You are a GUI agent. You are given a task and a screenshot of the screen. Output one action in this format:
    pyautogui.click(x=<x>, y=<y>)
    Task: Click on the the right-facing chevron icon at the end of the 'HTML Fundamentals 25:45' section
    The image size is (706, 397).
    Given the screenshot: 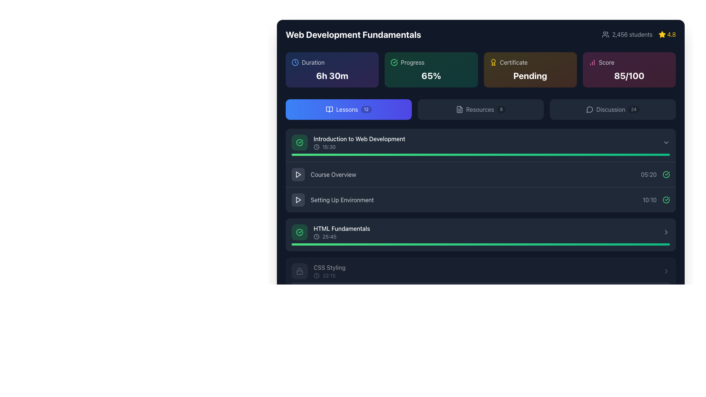 What is the action you would take?
    pyautogui.click(x=666, y=232)
    